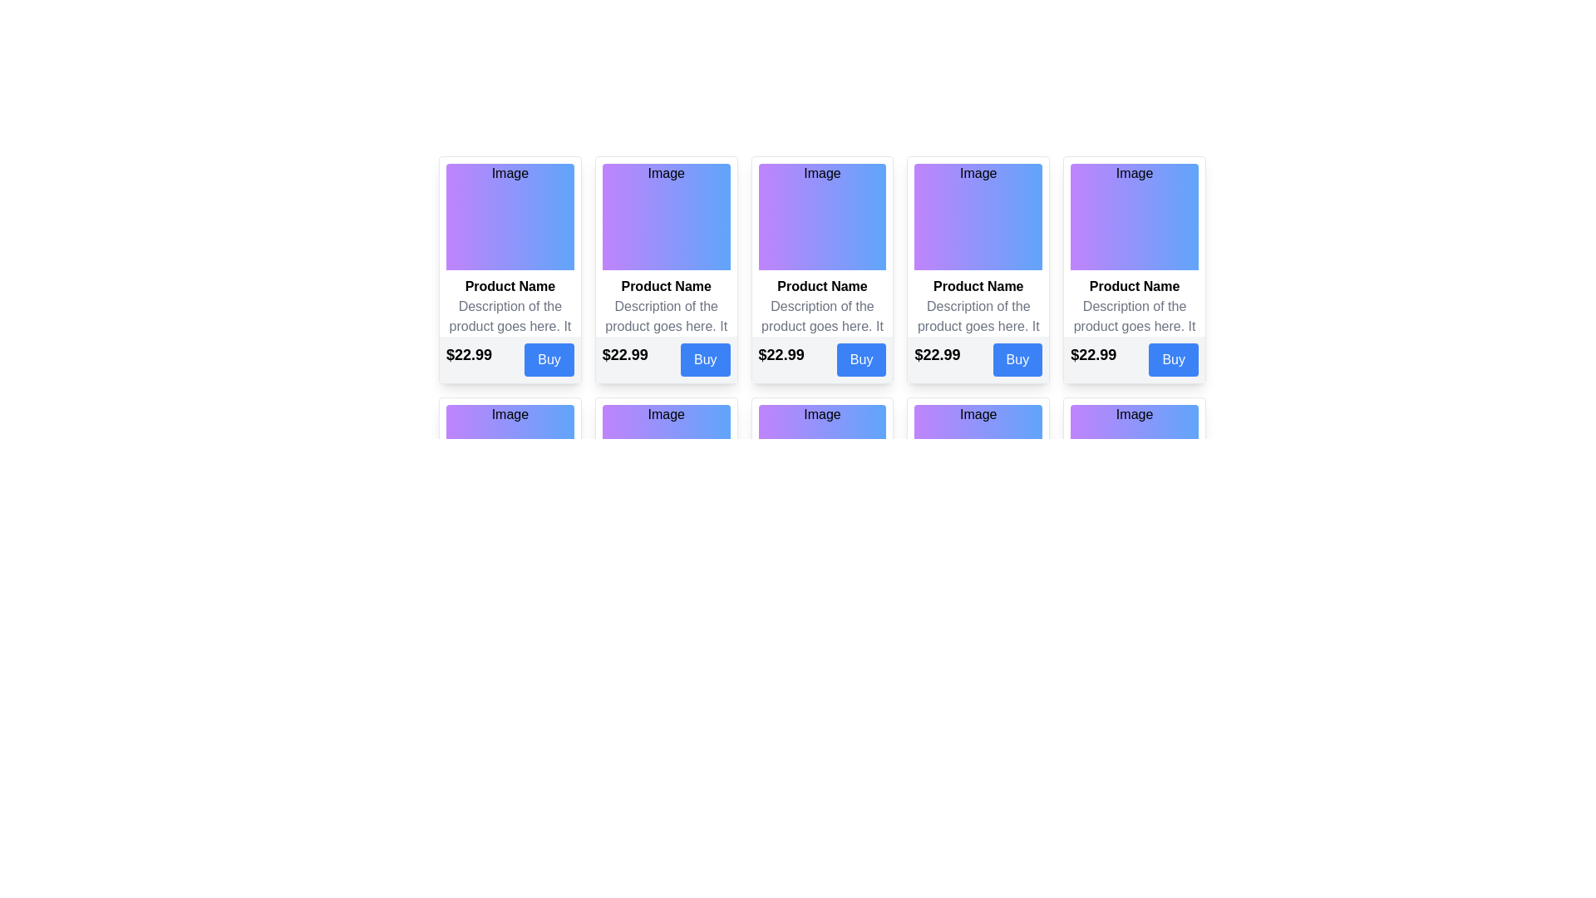 The width and height of the screenshot is (1596, 898). What do you see at coordinates (666, 269) in the screenshot?
I see `product description from the second product card in the grid layout, which features a bordered and rounded design with an image, title, descriptive text, price, and a blue 'Buy' button` at bounding box center [666, 269].